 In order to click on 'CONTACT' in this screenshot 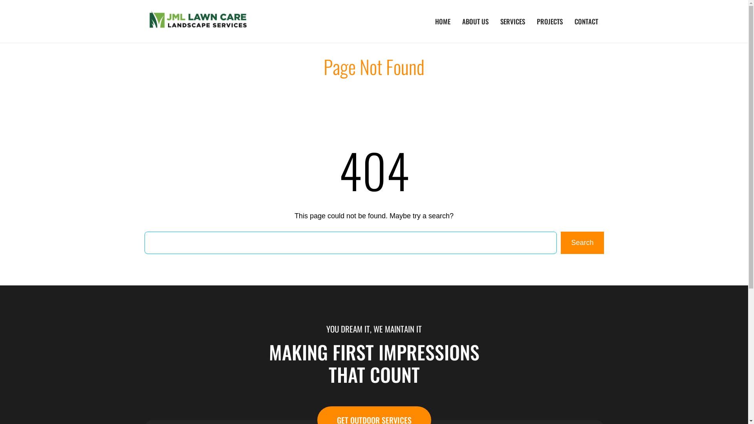, I will do `click(586, 21)`.